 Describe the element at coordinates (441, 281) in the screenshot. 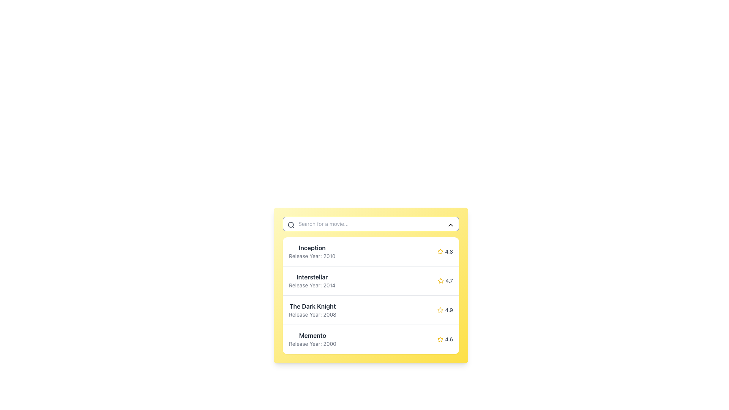

I see `star-shaped icon that is yellow and outlined, located to the right of the movie 'Interstellar' with a rating score of 4.7` at that location.